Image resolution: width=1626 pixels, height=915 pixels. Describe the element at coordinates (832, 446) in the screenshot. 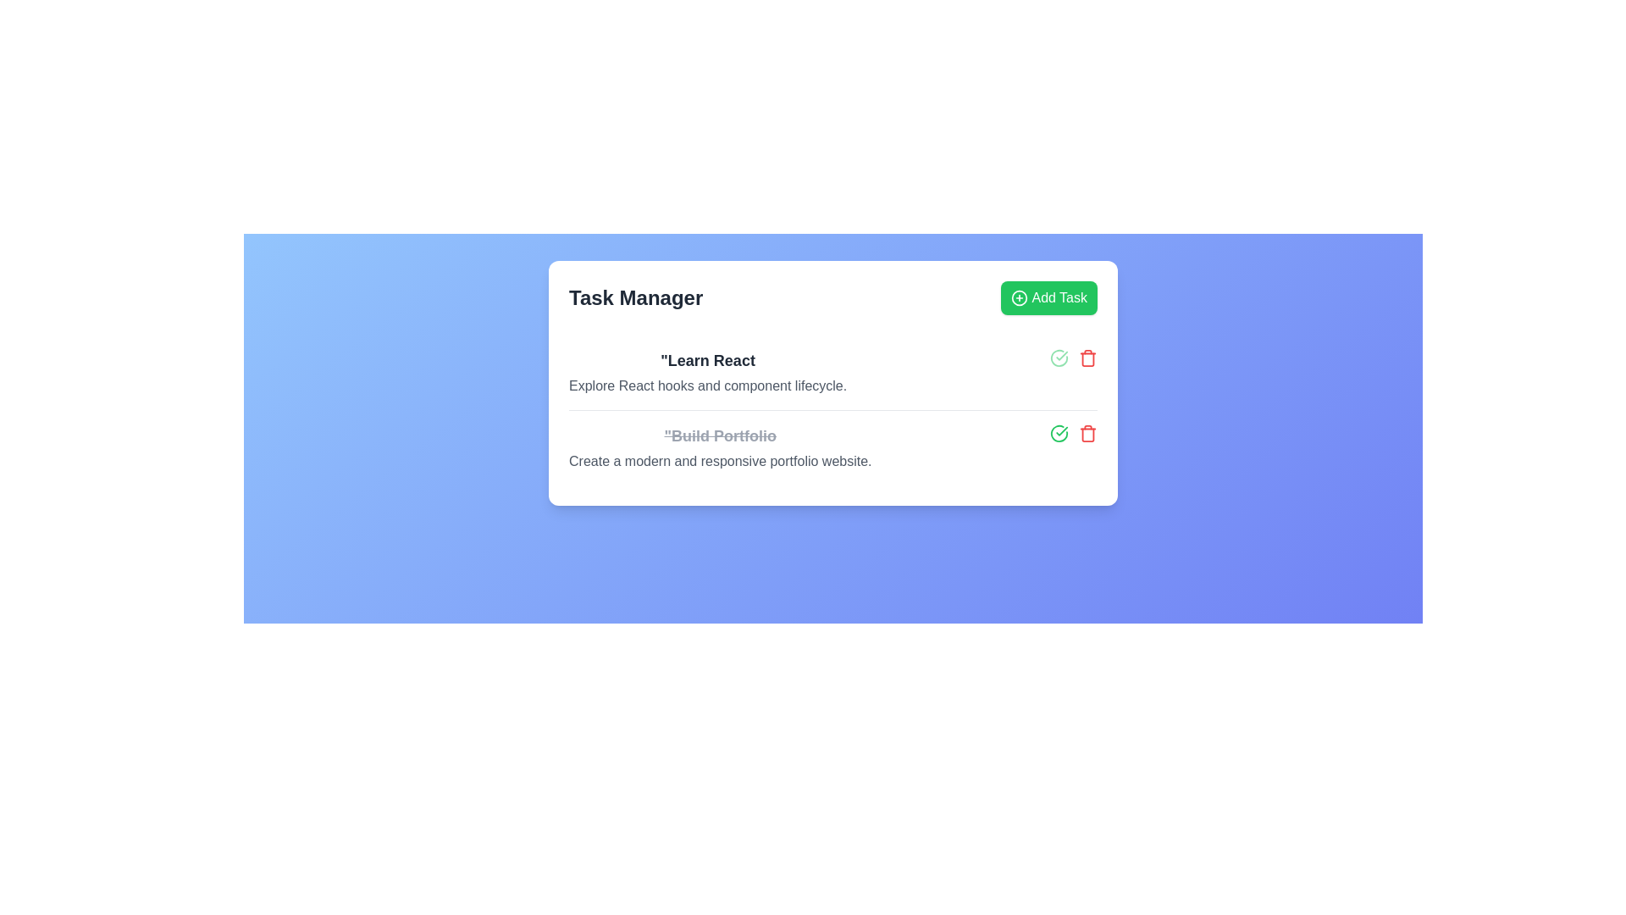

I see `the second task item in the Task Manager list` at that location.